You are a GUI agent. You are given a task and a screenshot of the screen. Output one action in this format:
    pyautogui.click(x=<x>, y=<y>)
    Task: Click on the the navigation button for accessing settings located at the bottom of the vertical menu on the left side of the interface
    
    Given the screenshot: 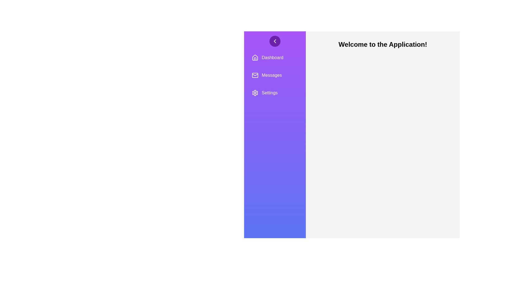 What is the action you would take?
    pyautogui.click(x=275, y=93)
    